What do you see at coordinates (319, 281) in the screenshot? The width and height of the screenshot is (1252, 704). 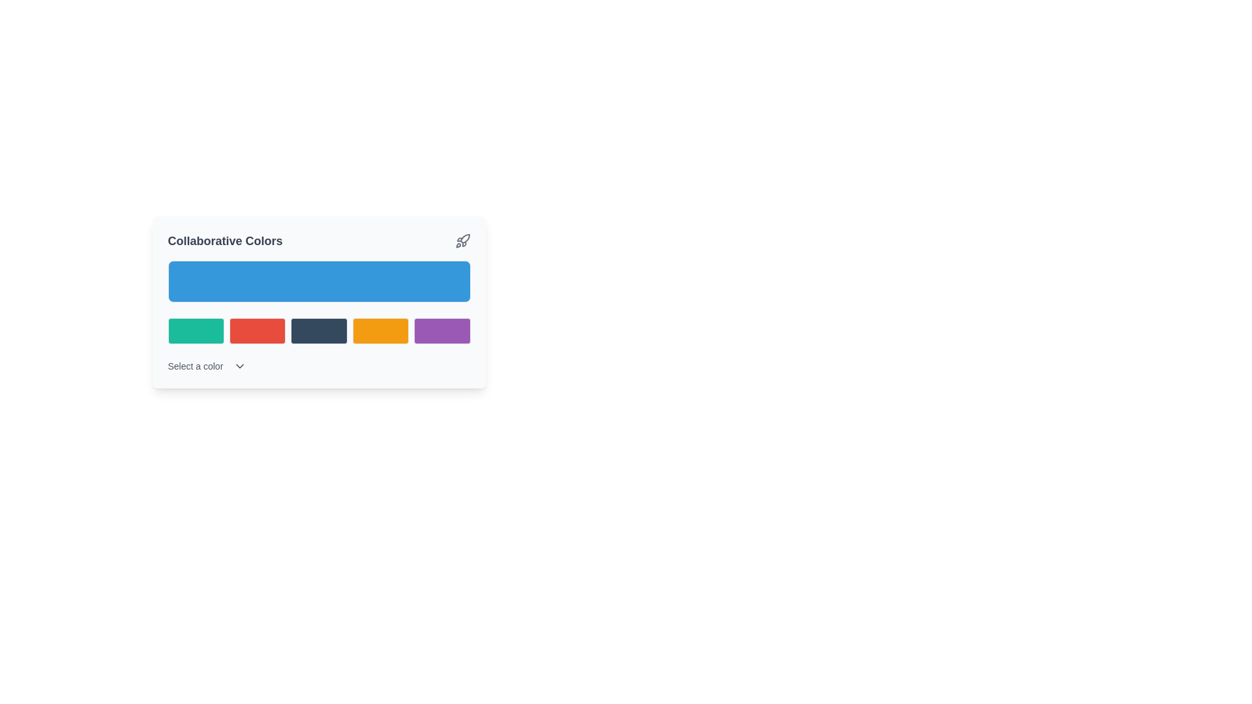 I see `the display segment within the 'Collaborative Colors' section, located above the color selection area, for visual information` at bounding box center [319, 281].